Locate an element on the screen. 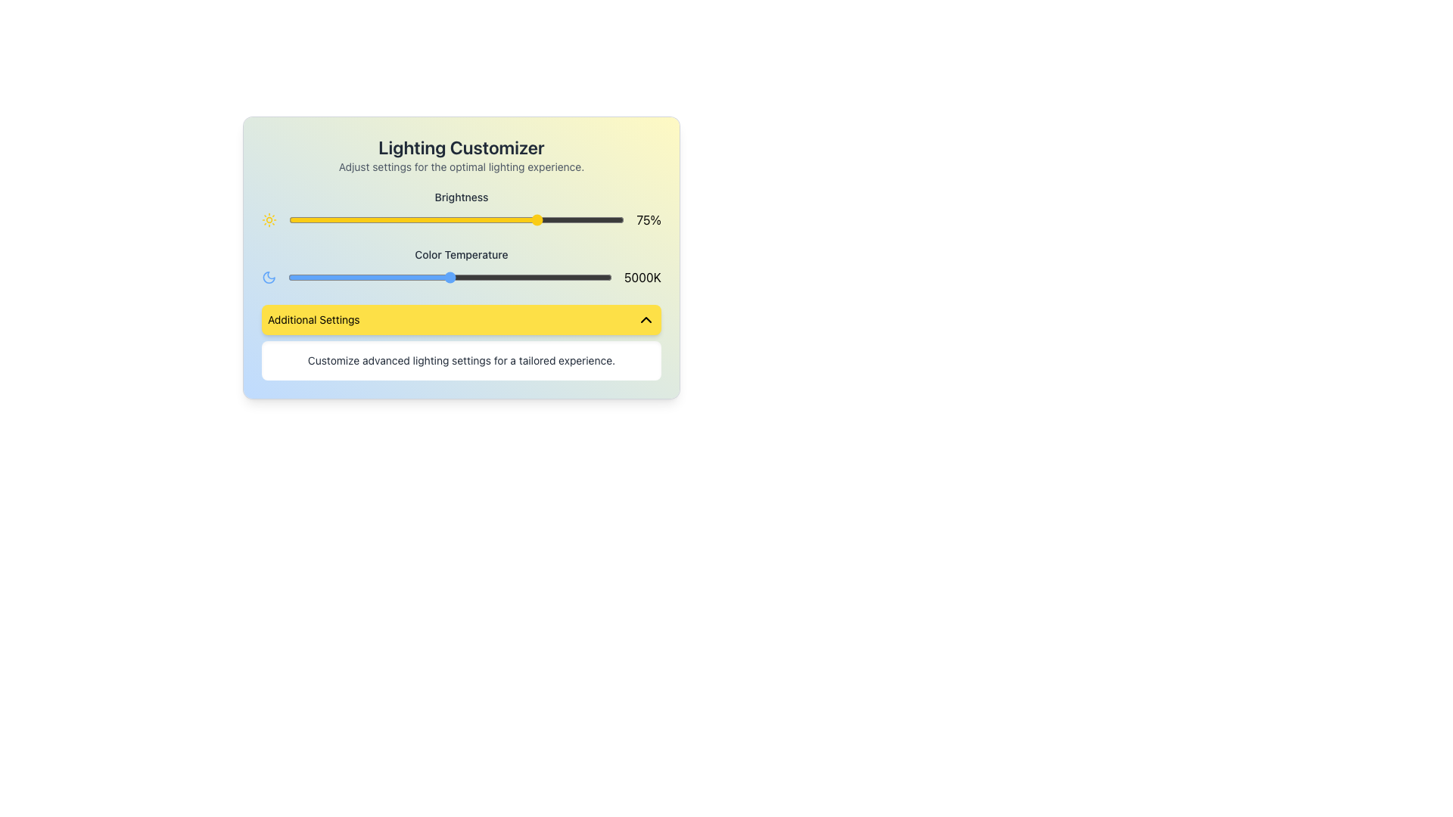 The image size is (1453, 817). the color temperature is located at coordinates (332, 277).